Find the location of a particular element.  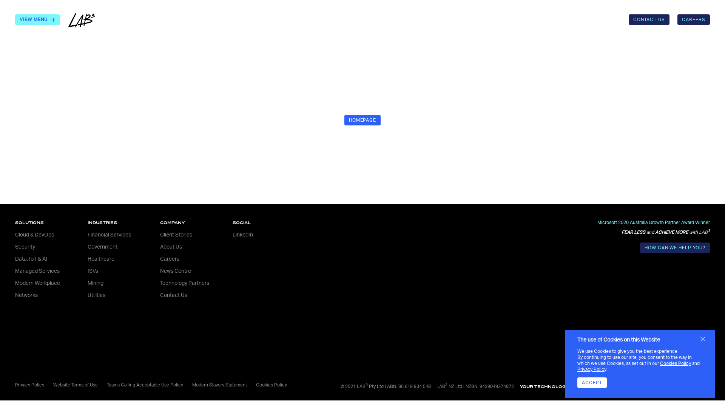

'Cookies Policy' is located at coordinates (271, 385).